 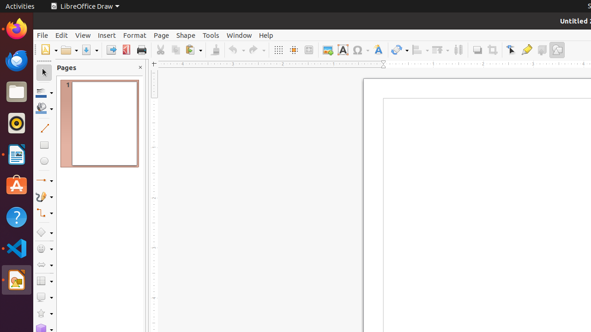 What do you see at coordinates (236, 50) in the screenshot?
I see `'Undo'` at bounding box center [236, 50].